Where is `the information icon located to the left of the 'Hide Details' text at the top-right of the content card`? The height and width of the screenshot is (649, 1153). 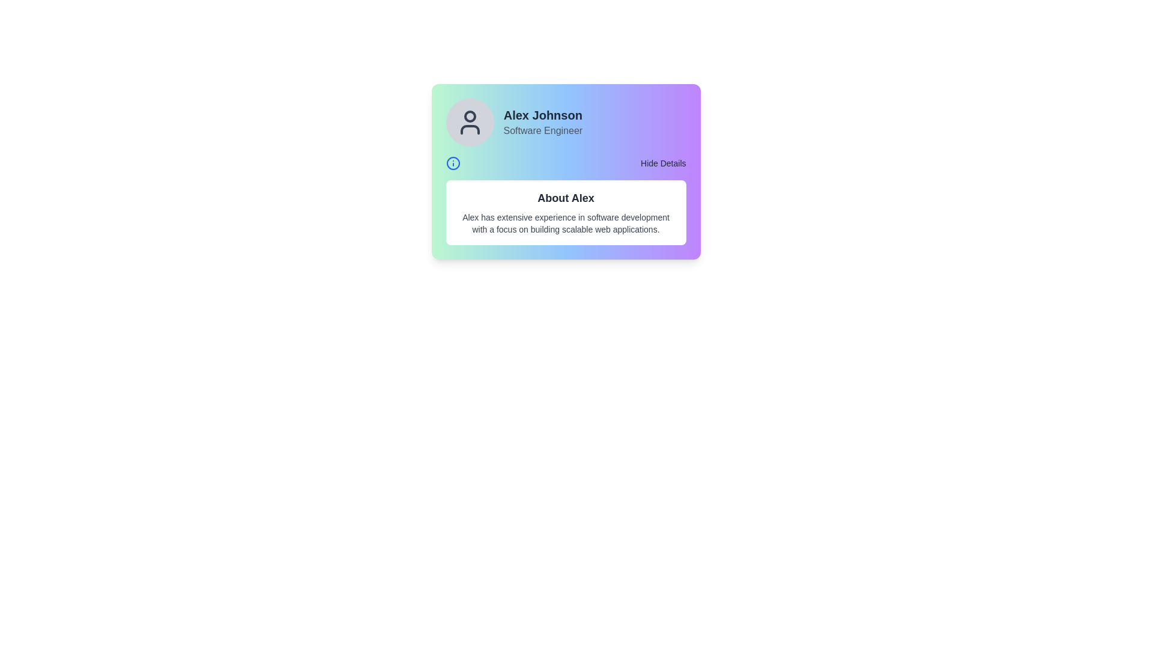 the information icon located to the left of the 'Hide Details' text at the top-right of the content card is located at coordinates (452, 163).